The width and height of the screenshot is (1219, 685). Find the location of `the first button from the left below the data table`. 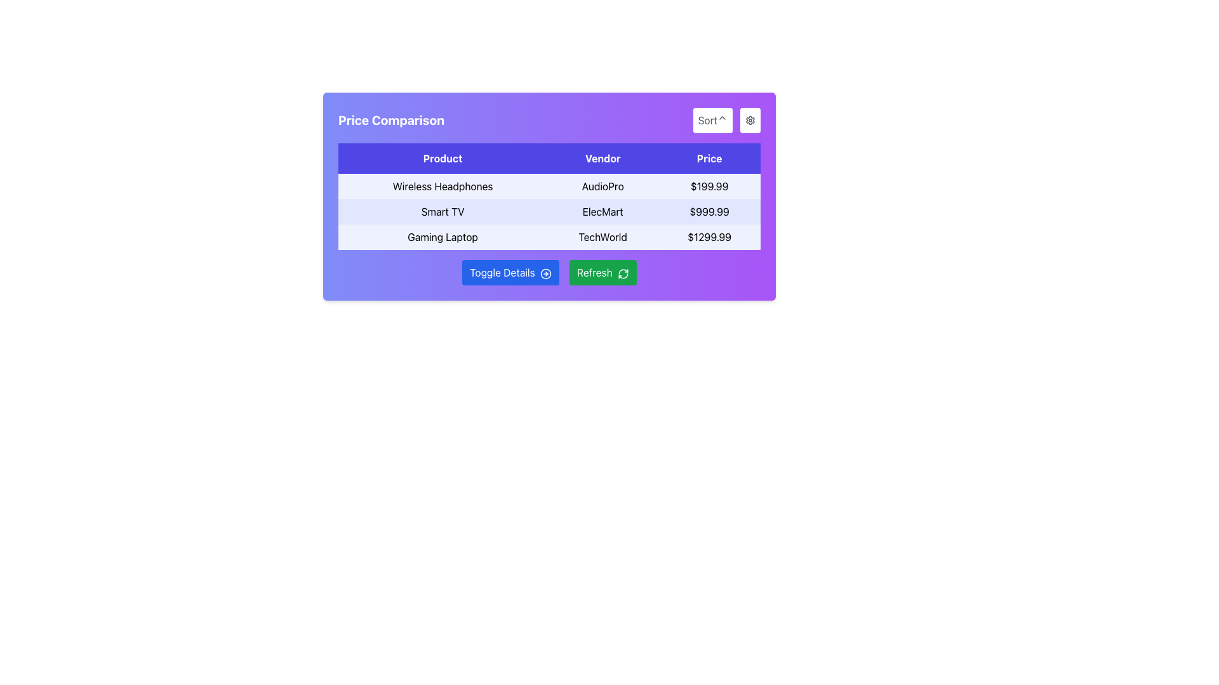

the first button from the left below the data table is located at coordinates (510, 271).